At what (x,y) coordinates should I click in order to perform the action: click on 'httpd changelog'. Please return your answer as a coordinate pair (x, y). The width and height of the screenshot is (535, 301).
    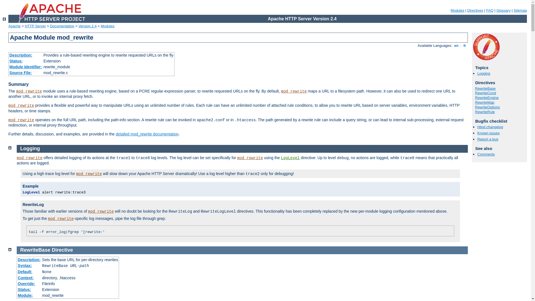
    Looking at the image, I should click on (490, 127).